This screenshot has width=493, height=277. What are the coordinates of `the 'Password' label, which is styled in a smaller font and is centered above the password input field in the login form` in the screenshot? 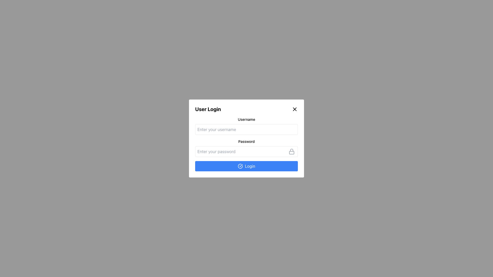 It's located at (246, 141).